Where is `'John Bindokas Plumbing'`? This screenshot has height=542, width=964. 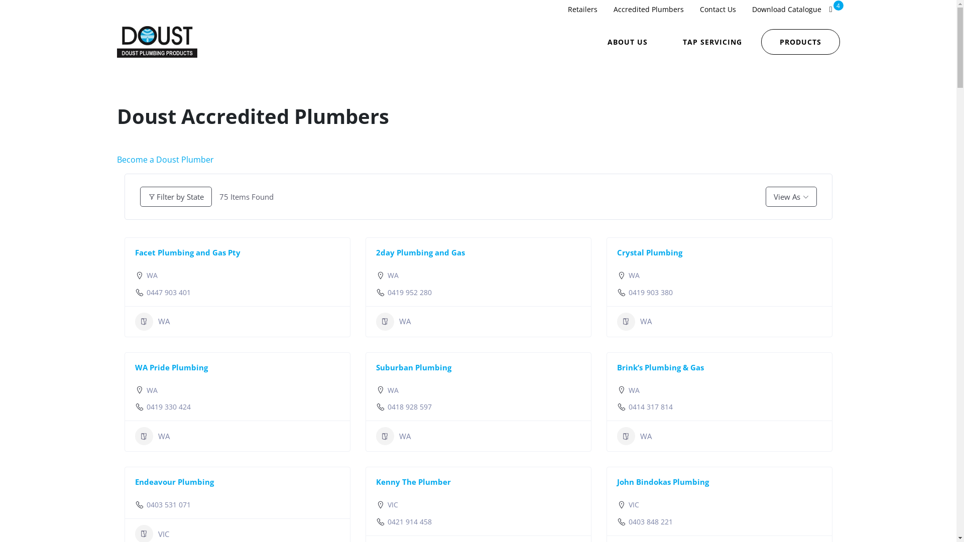 'John Bindokas Plumbing' is located at coordinates (662, 481).